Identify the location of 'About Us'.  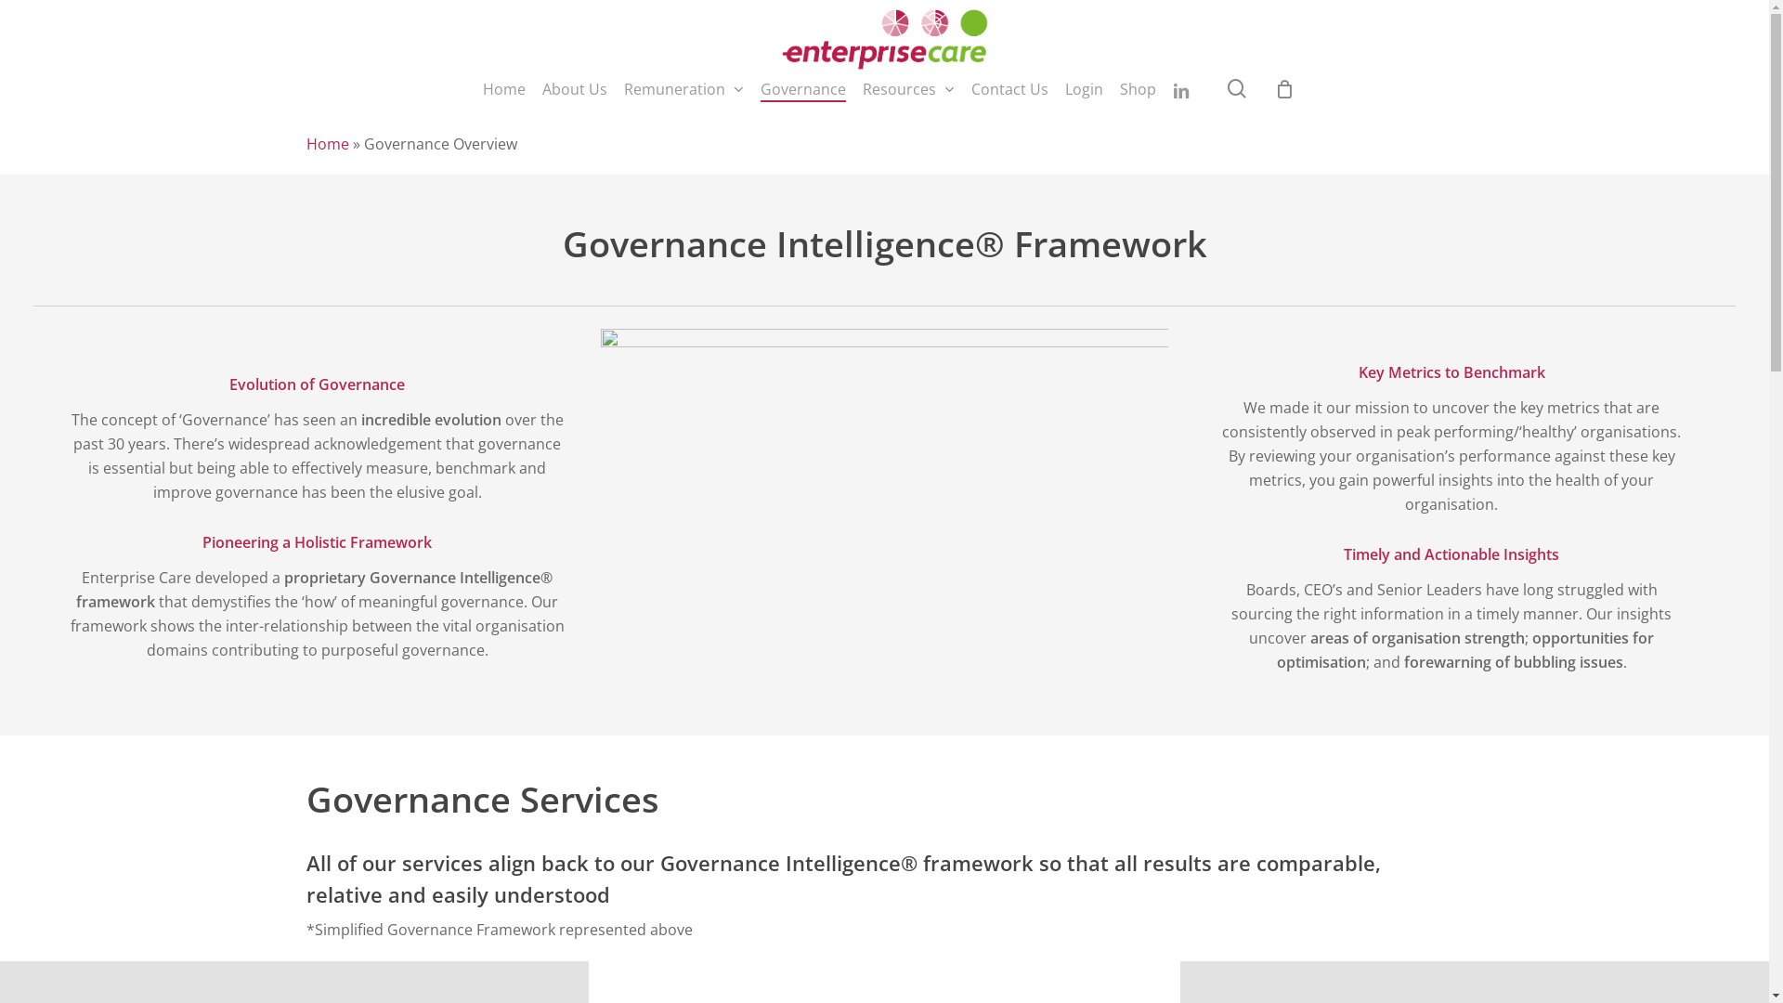
(541, 89).